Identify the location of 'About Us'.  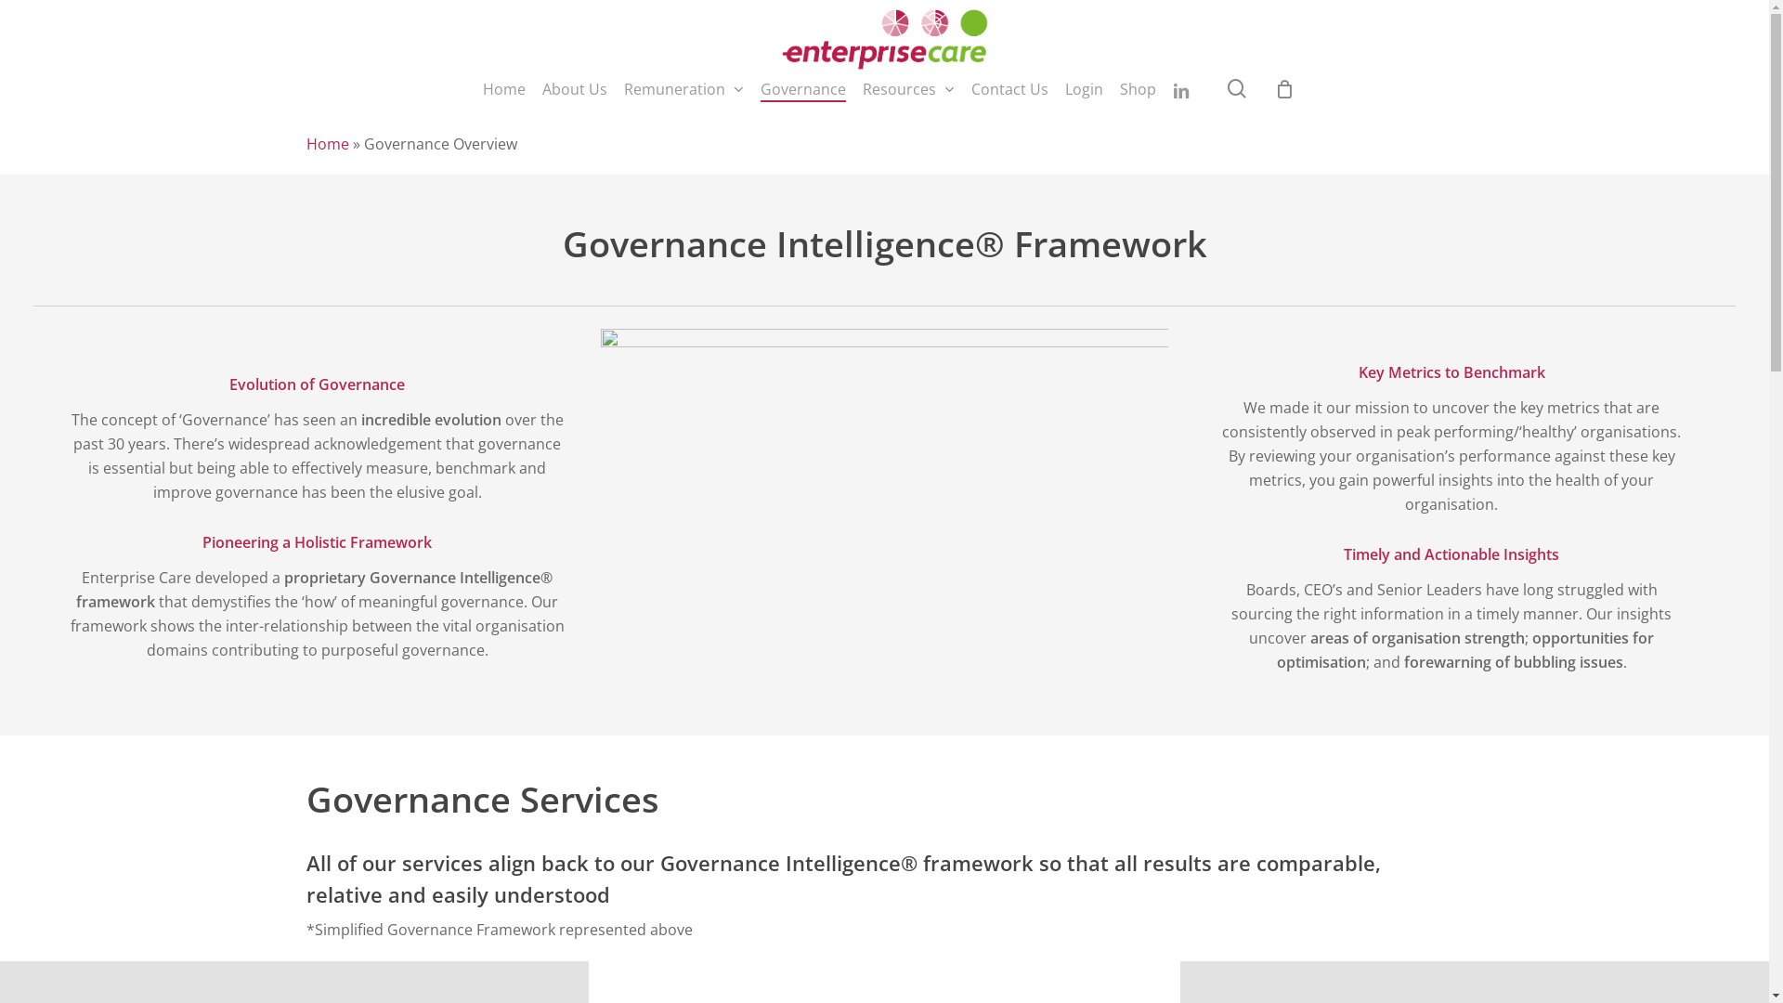
(541, 89).